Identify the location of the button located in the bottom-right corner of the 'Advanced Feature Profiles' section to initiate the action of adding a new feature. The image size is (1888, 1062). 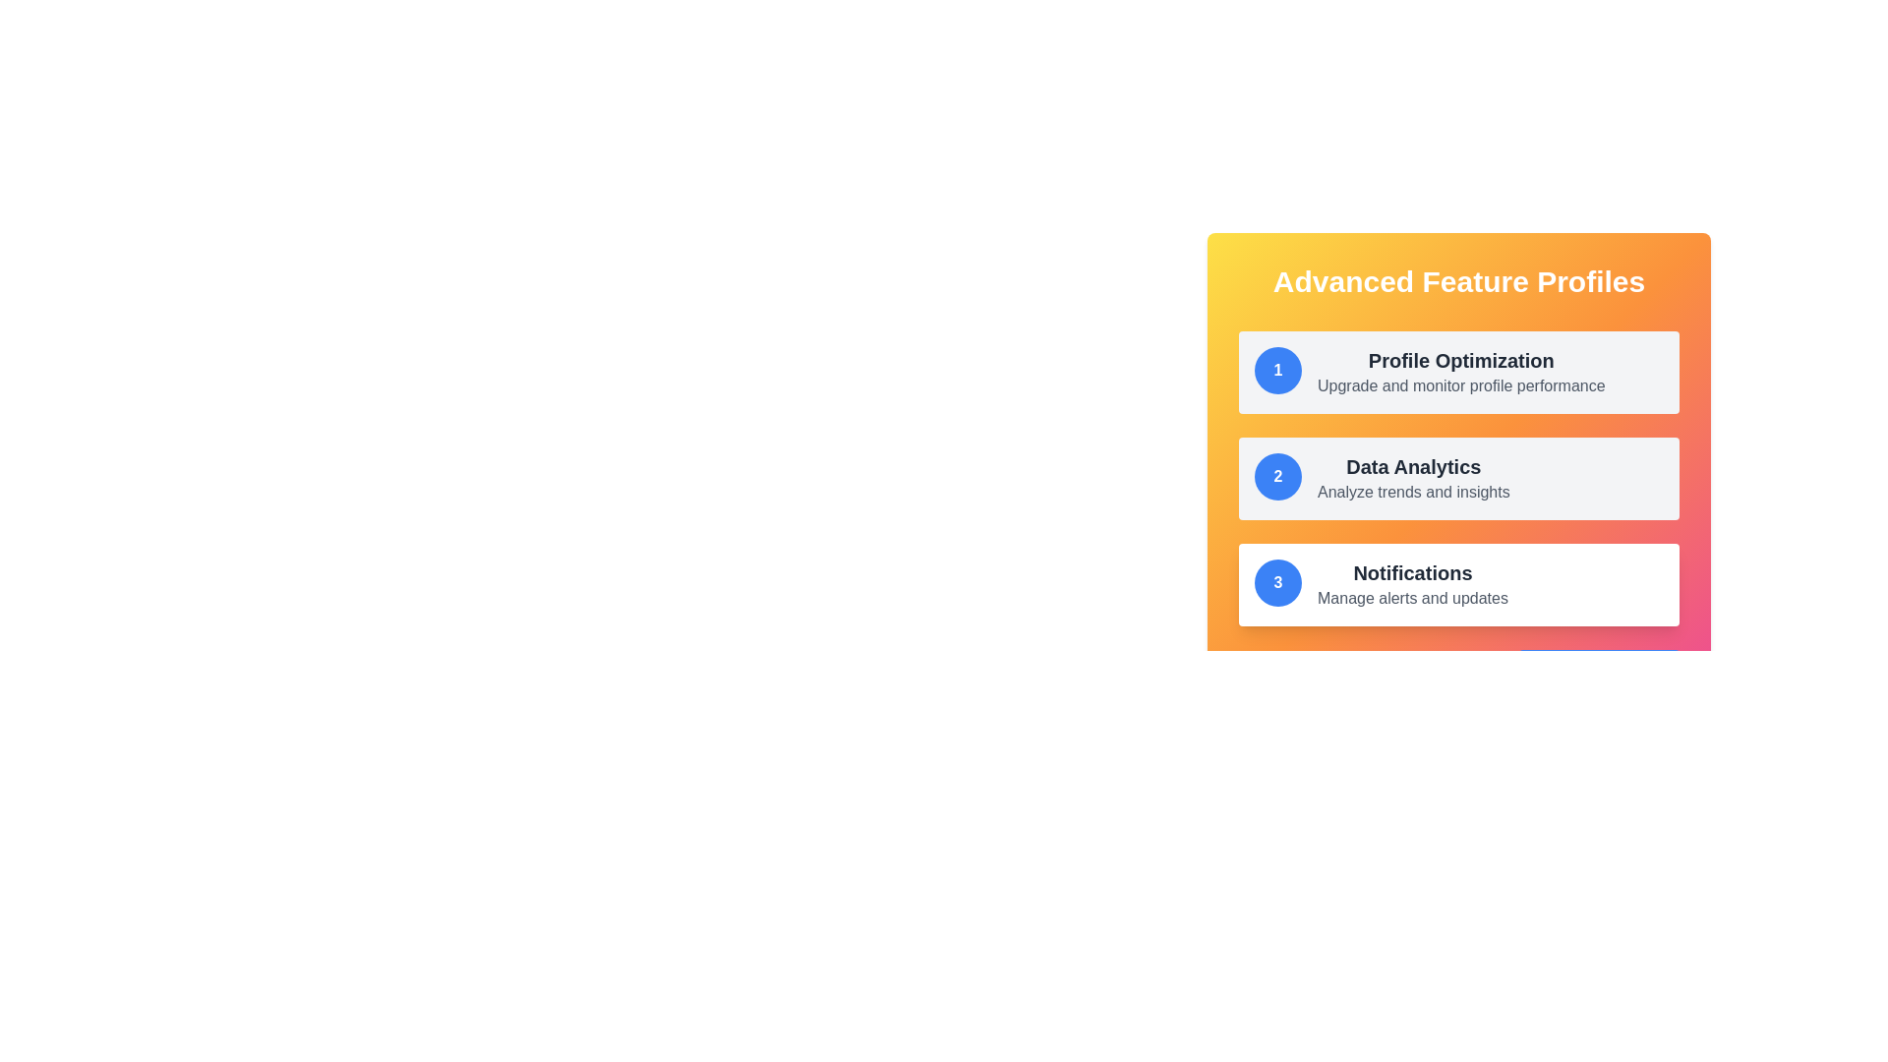
(1458, 669).